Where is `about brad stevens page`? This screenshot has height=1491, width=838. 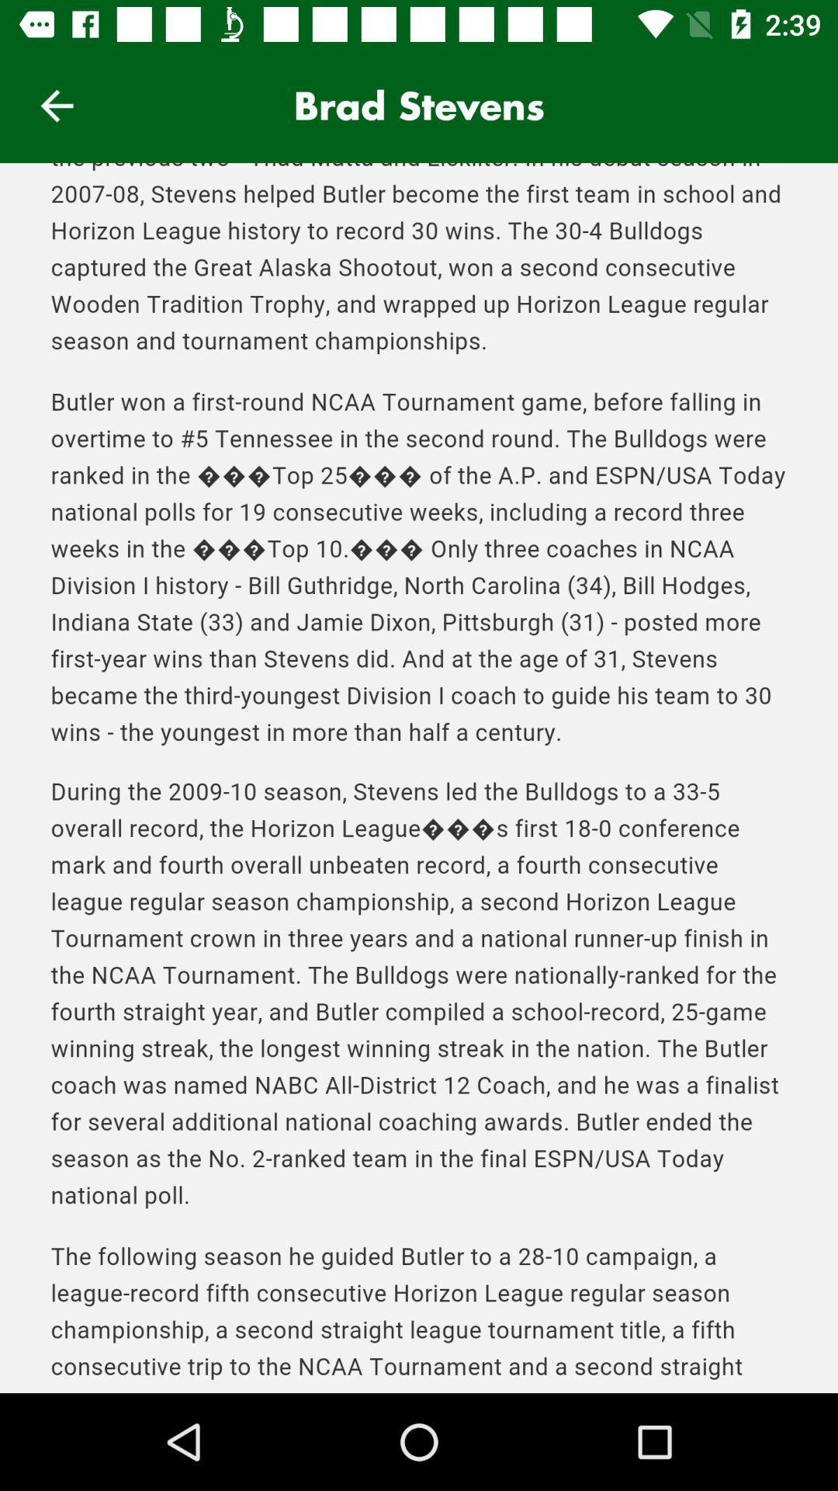 about brad stevens page is located at coordinates (419, 778).